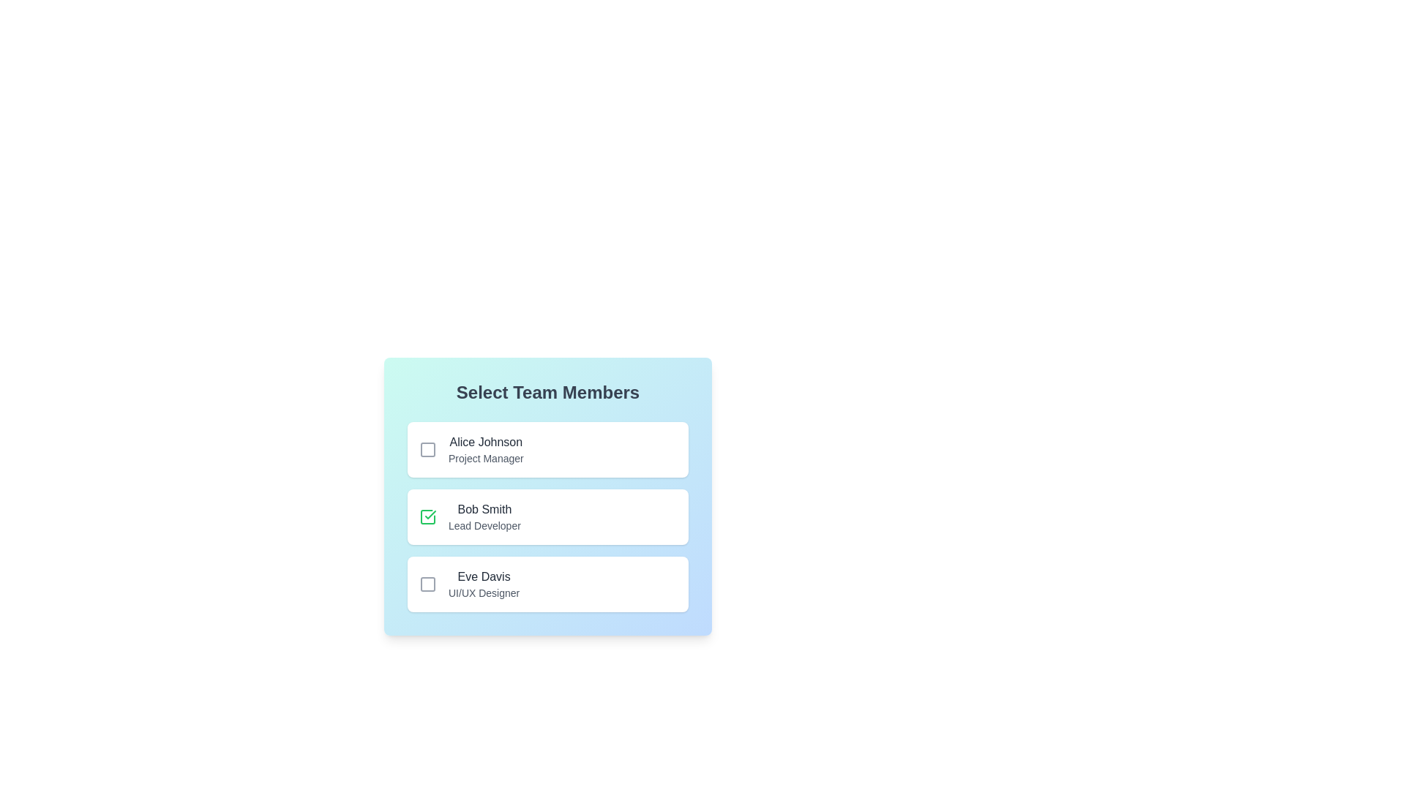  What do you see at coordinates (427, 516) in the screenshot?
I see `the Checkbox icon for the team member 'Bob Smith' to trigger focus effects` at bounding box center [427, 516].